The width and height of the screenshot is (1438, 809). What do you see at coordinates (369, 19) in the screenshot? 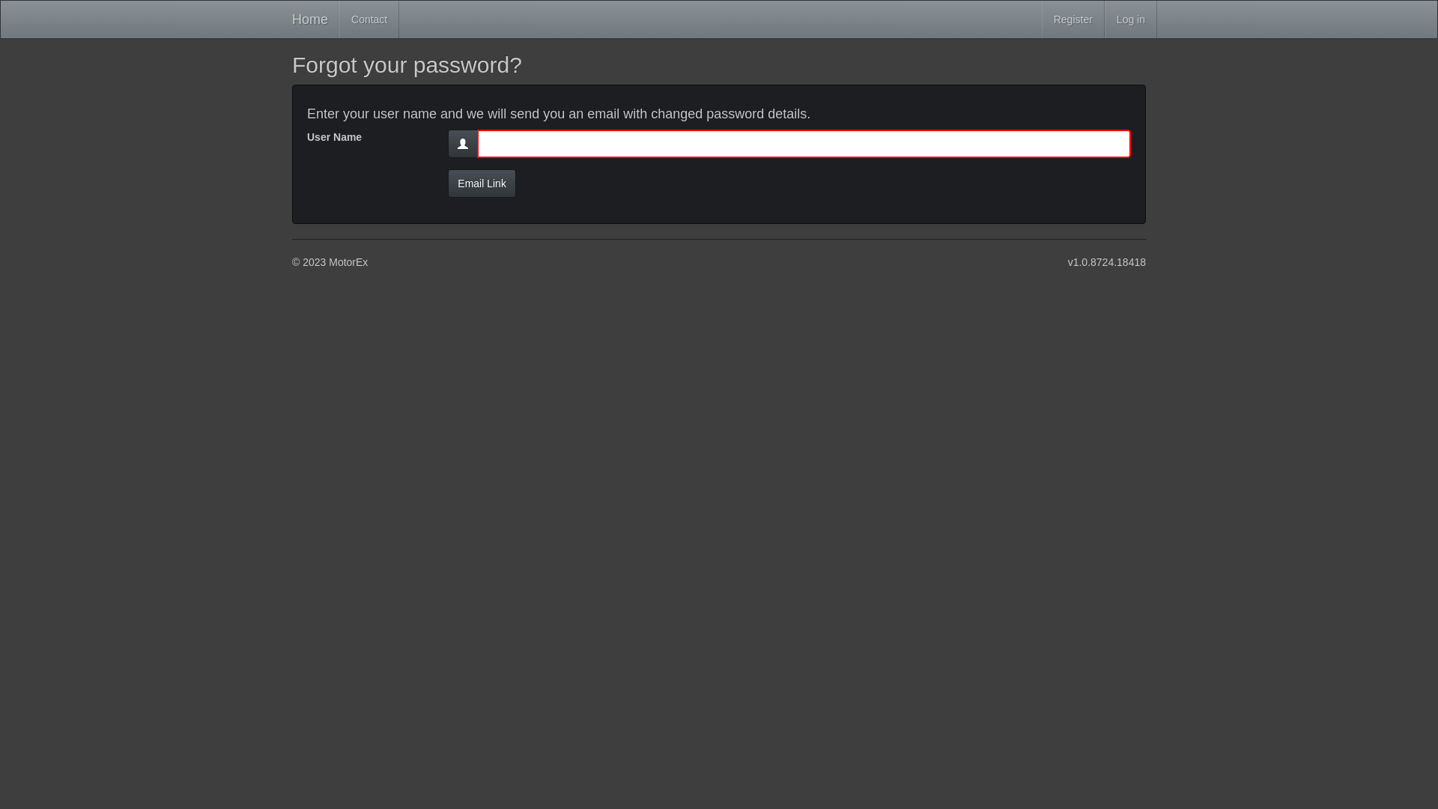
I see `'Contact'` at bounding box center [369, 19].